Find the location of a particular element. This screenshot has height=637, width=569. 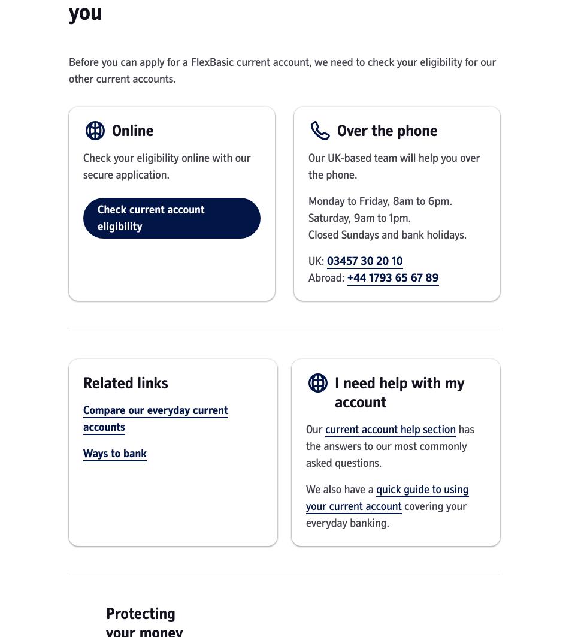

'quick guide to using your current account' is located at coordinates (387, 497).